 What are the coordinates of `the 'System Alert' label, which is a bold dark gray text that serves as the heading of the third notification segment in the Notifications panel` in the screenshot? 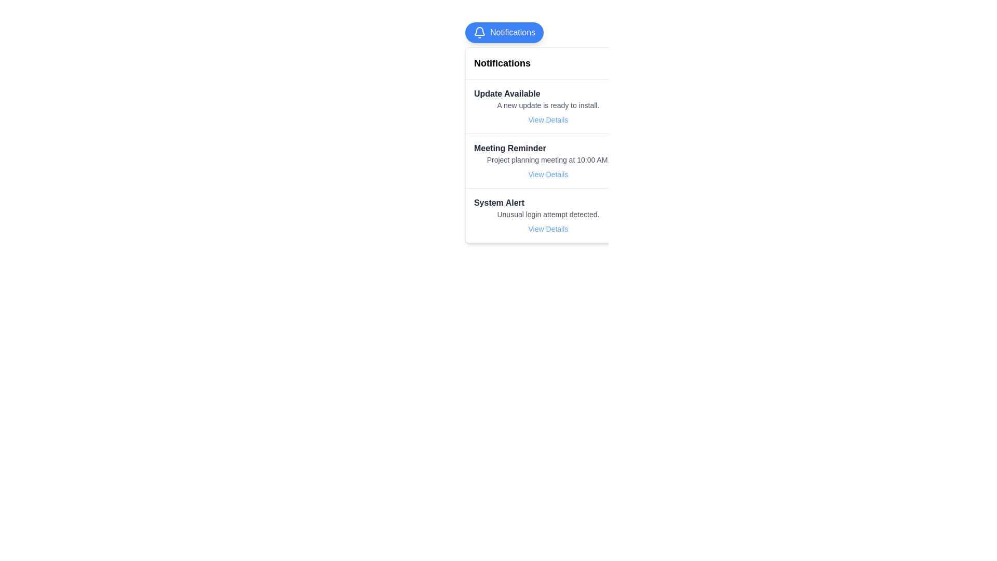 It's located at (499, 203).